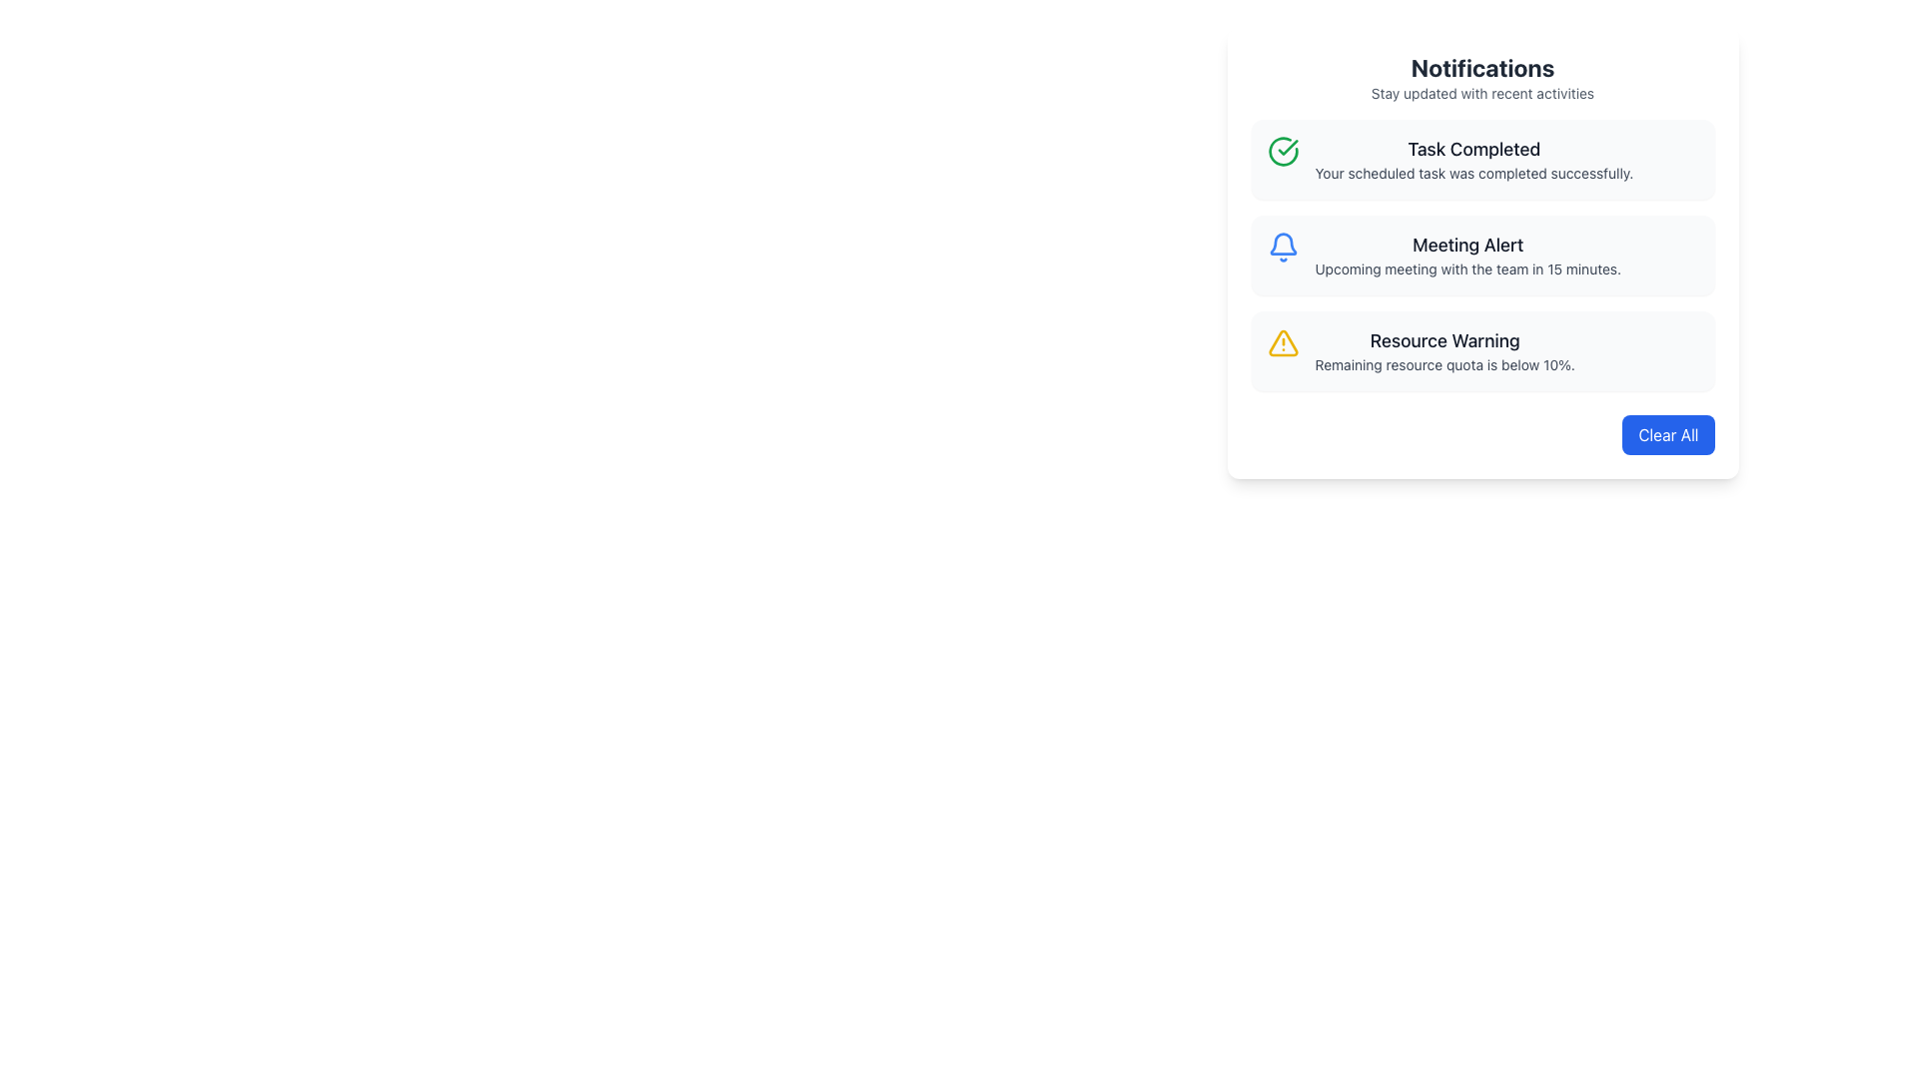 The height and width of the screenshot is (1078, 1918). Describe the element at coordinates (1444, 365) in the screenshot. I see `text from the notification block labeled 'Resource Warning', specifically the line that reads 'Remaining resource quota is below 10%'` at that location.